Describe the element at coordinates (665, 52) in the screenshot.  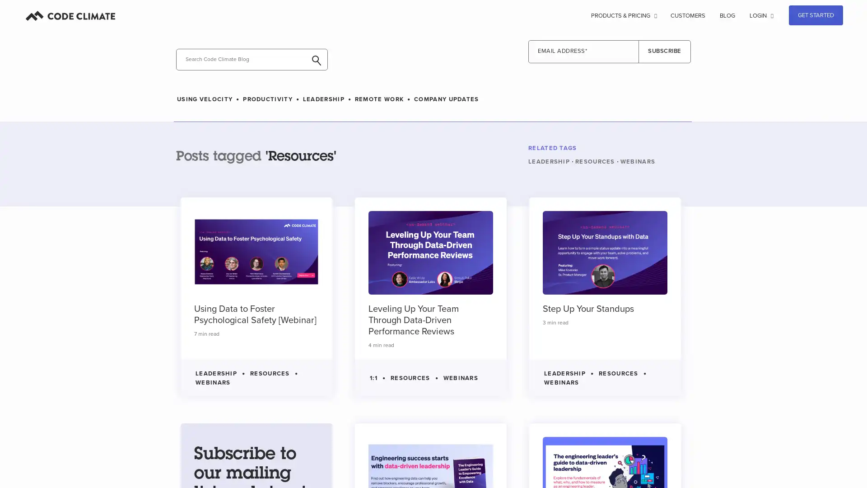
I see `SUBSCRIBE` at that location.